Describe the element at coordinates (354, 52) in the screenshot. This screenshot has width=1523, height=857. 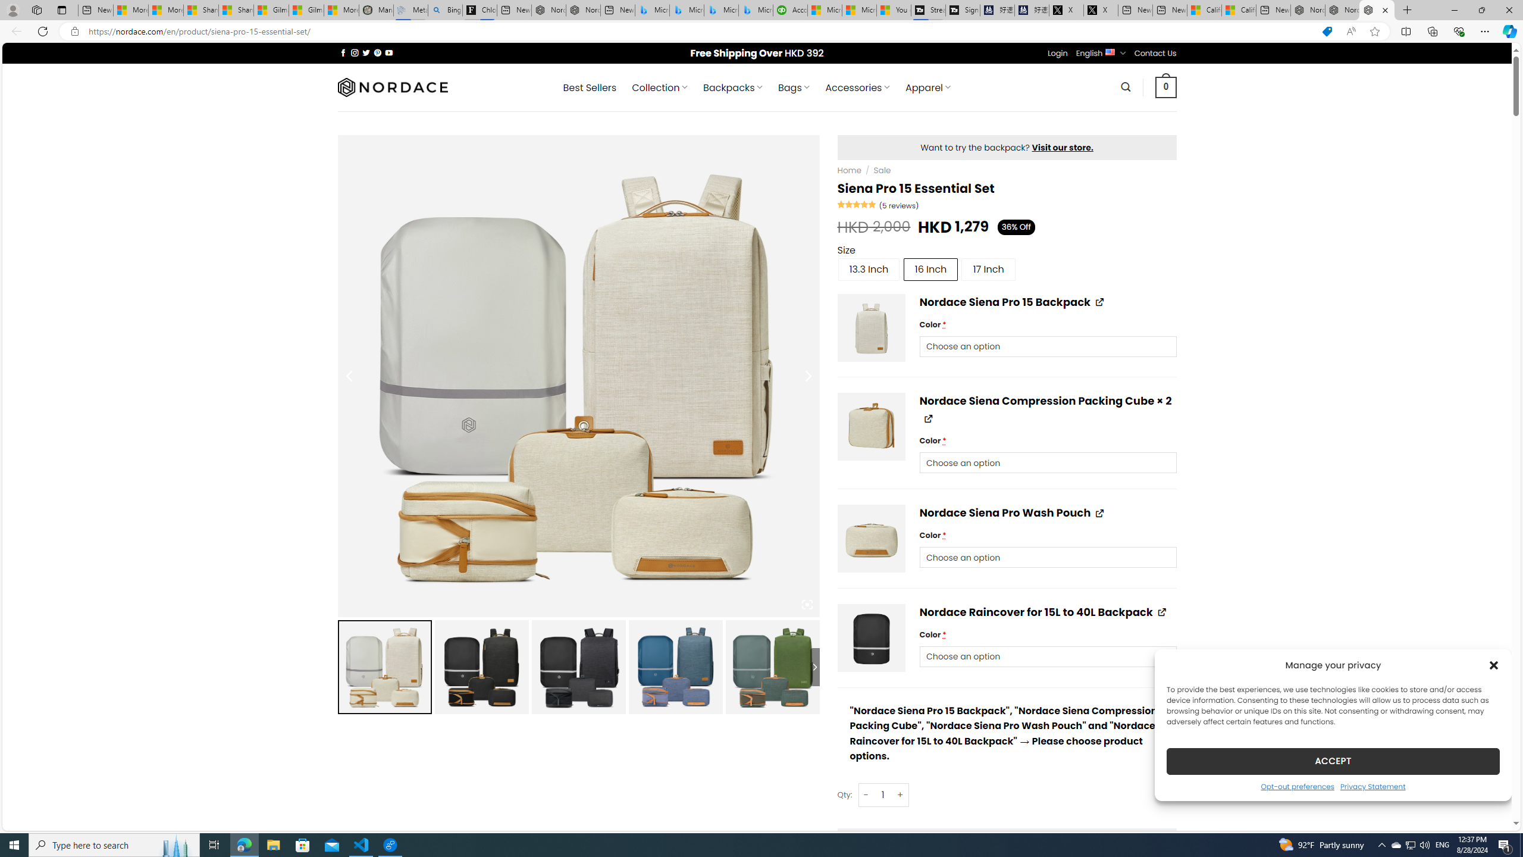
I see `'Follow on Instagram'` at that location.